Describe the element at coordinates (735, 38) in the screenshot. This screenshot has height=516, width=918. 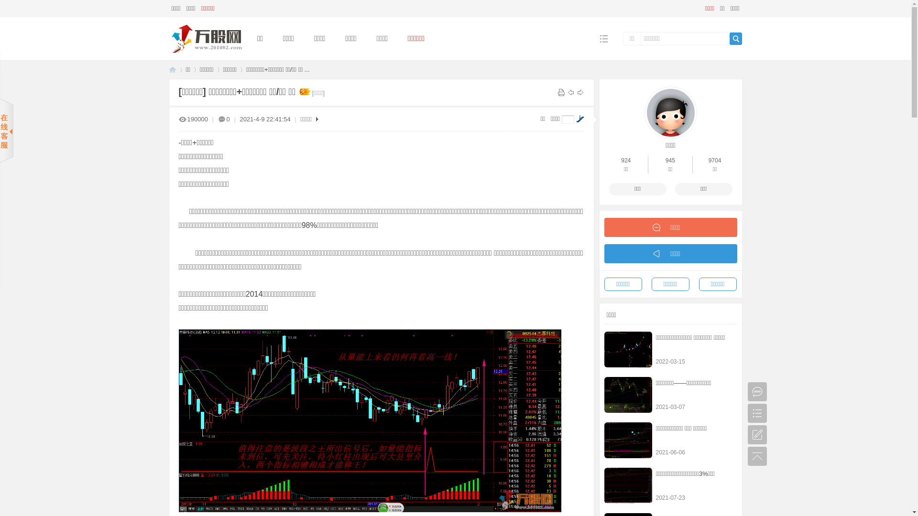
I see `'true'` at that location.